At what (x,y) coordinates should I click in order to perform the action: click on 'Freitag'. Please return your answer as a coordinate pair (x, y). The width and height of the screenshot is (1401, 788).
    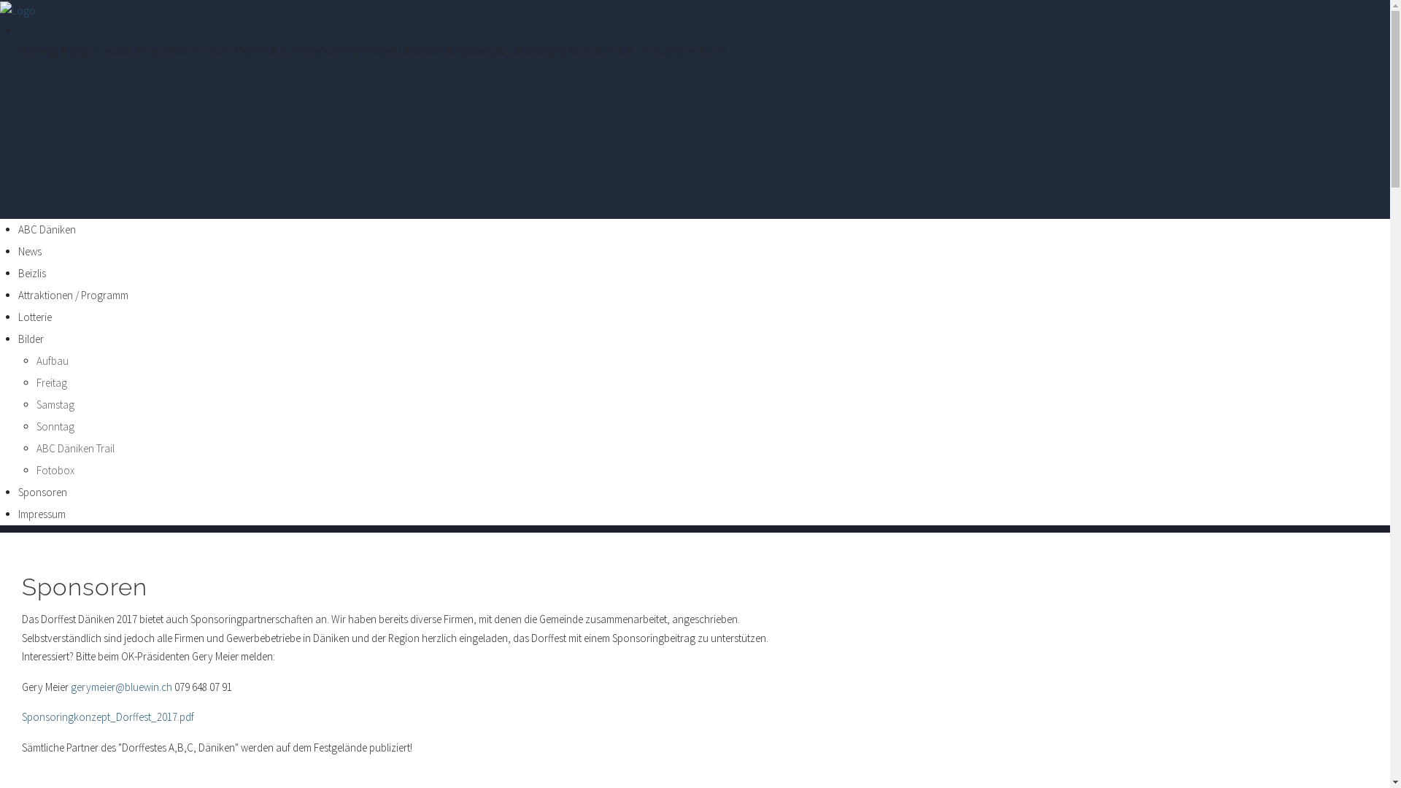
    Looking at the image, I should click on (52, 382).